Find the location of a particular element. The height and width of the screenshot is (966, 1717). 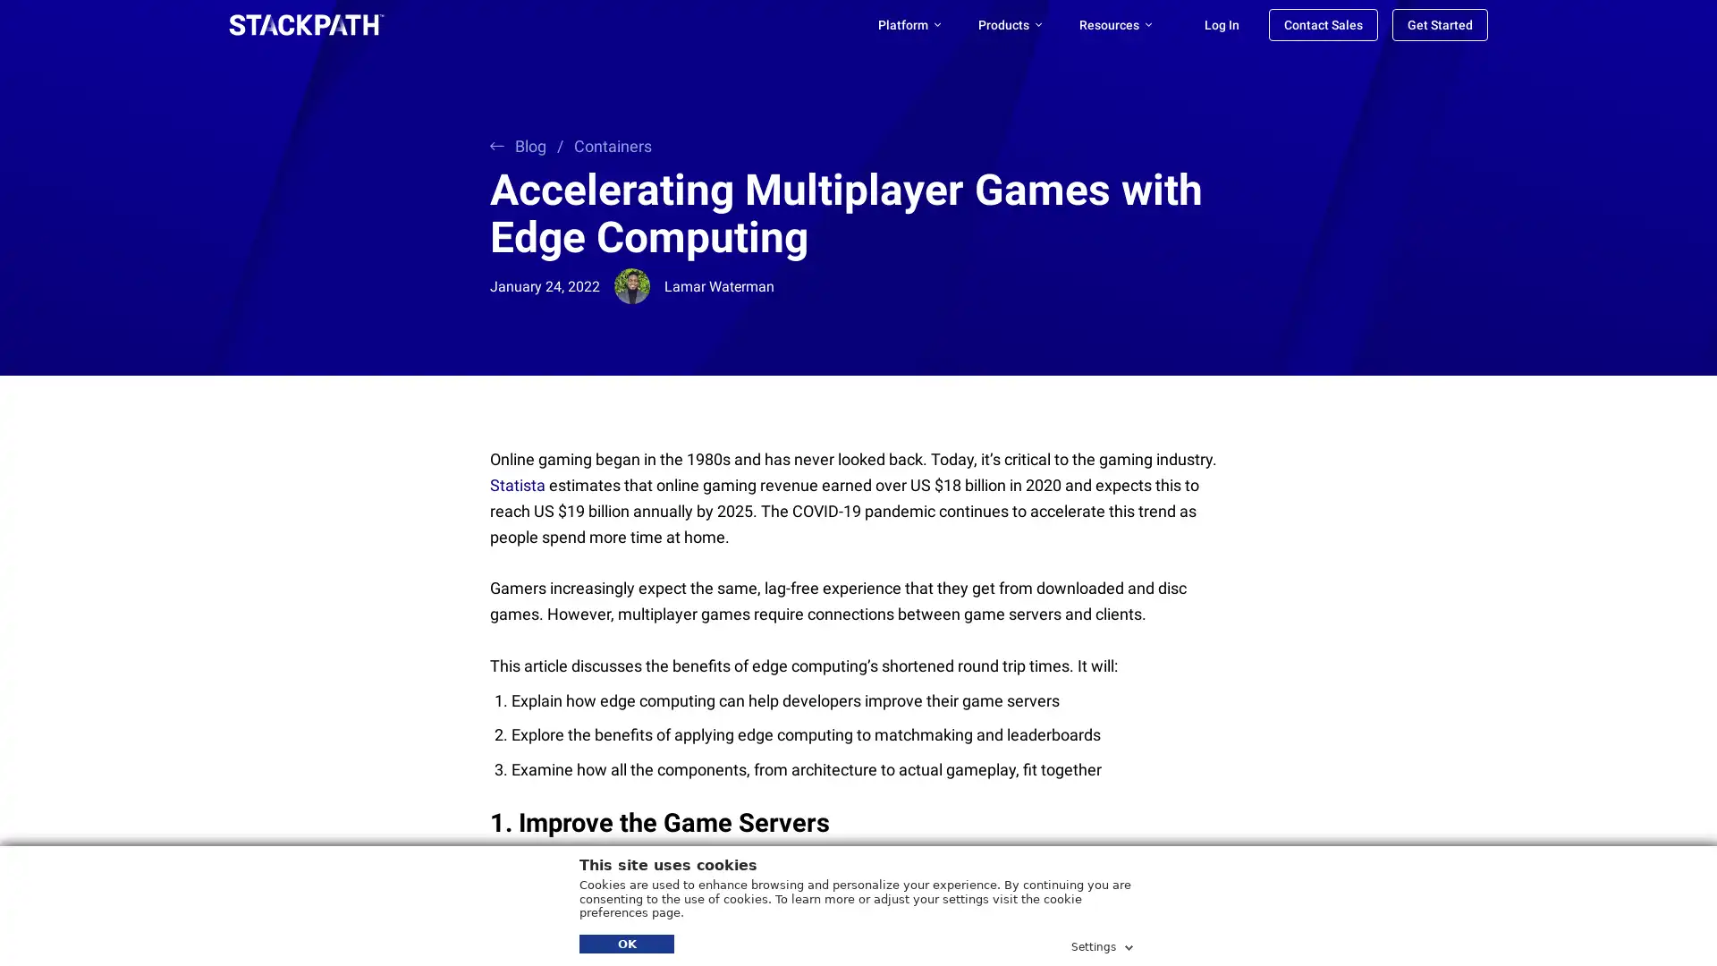

Resources is located at coordinates (1114, 24).